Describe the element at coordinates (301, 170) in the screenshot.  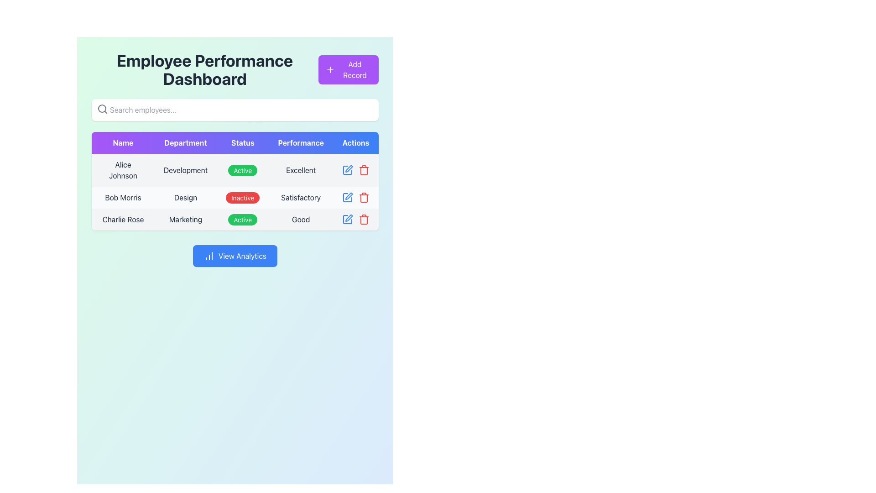
I see `the Text label displaying 'Excellent' in the Performance category, located in the fourth column of the first row of the table, adjacent to 'Active'` at that location.